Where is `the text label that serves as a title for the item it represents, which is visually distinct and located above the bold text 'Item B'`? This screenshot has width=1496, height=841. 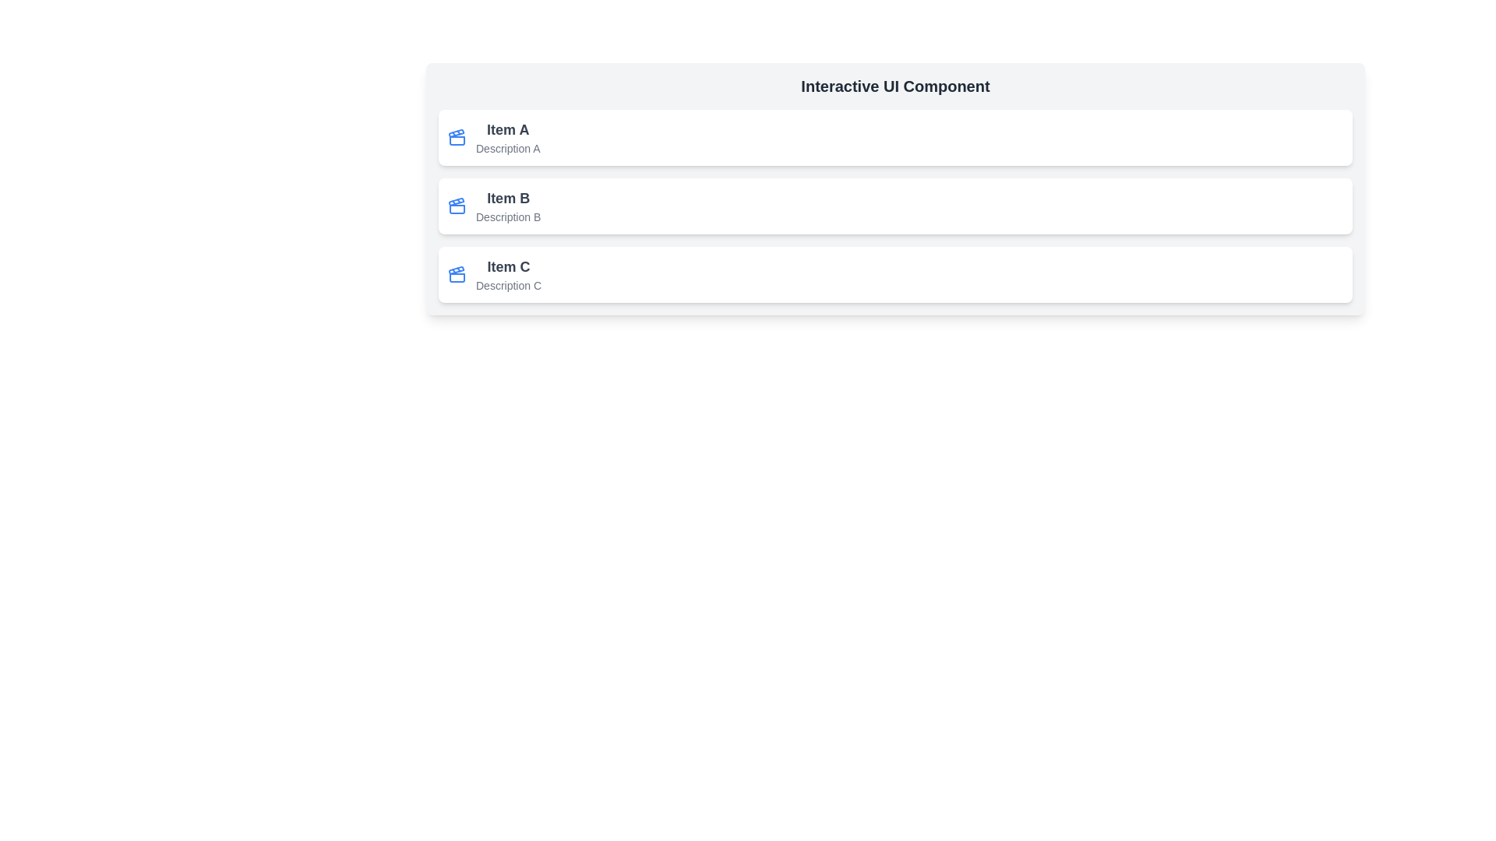
the text label that serves as a title for the item it represents, which is visually distinct and located above the bold text 'Item B' is located at coordinates (508, 197).